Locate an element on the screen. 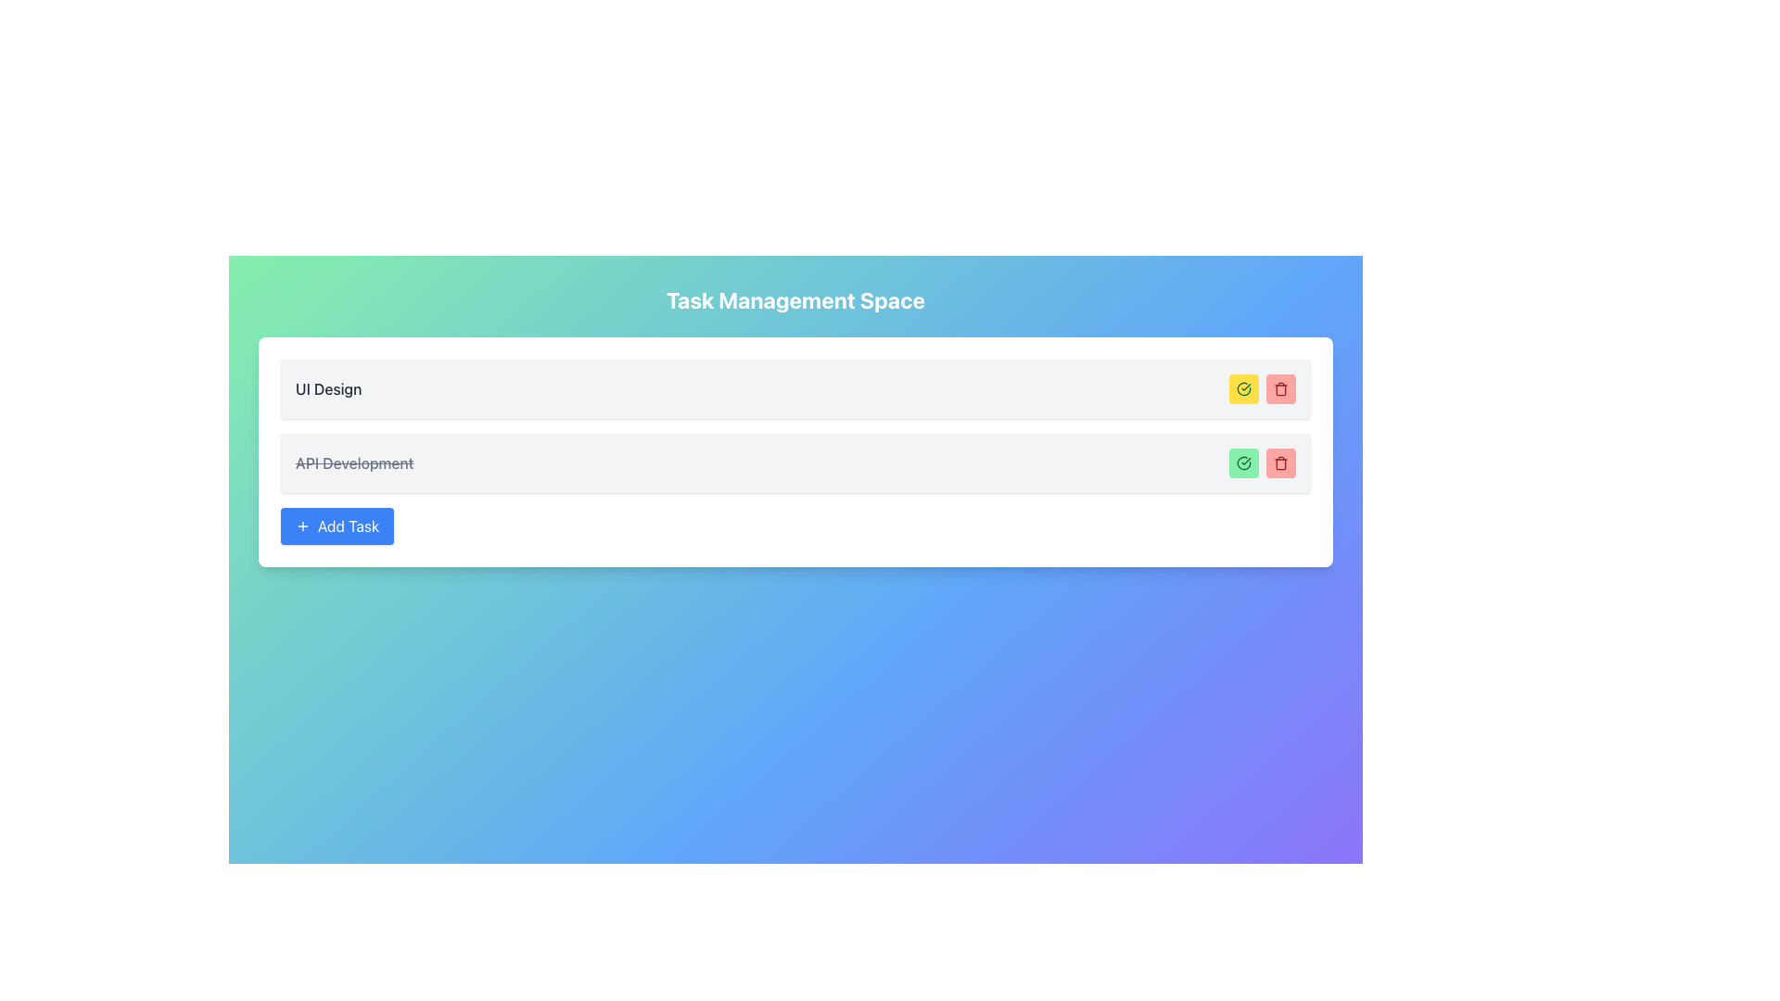 This screenshot has width=1780, height=1001. the button located at the bottom-left corner of the task card that adds a new task to the task list is located at coordinates (337, 526).